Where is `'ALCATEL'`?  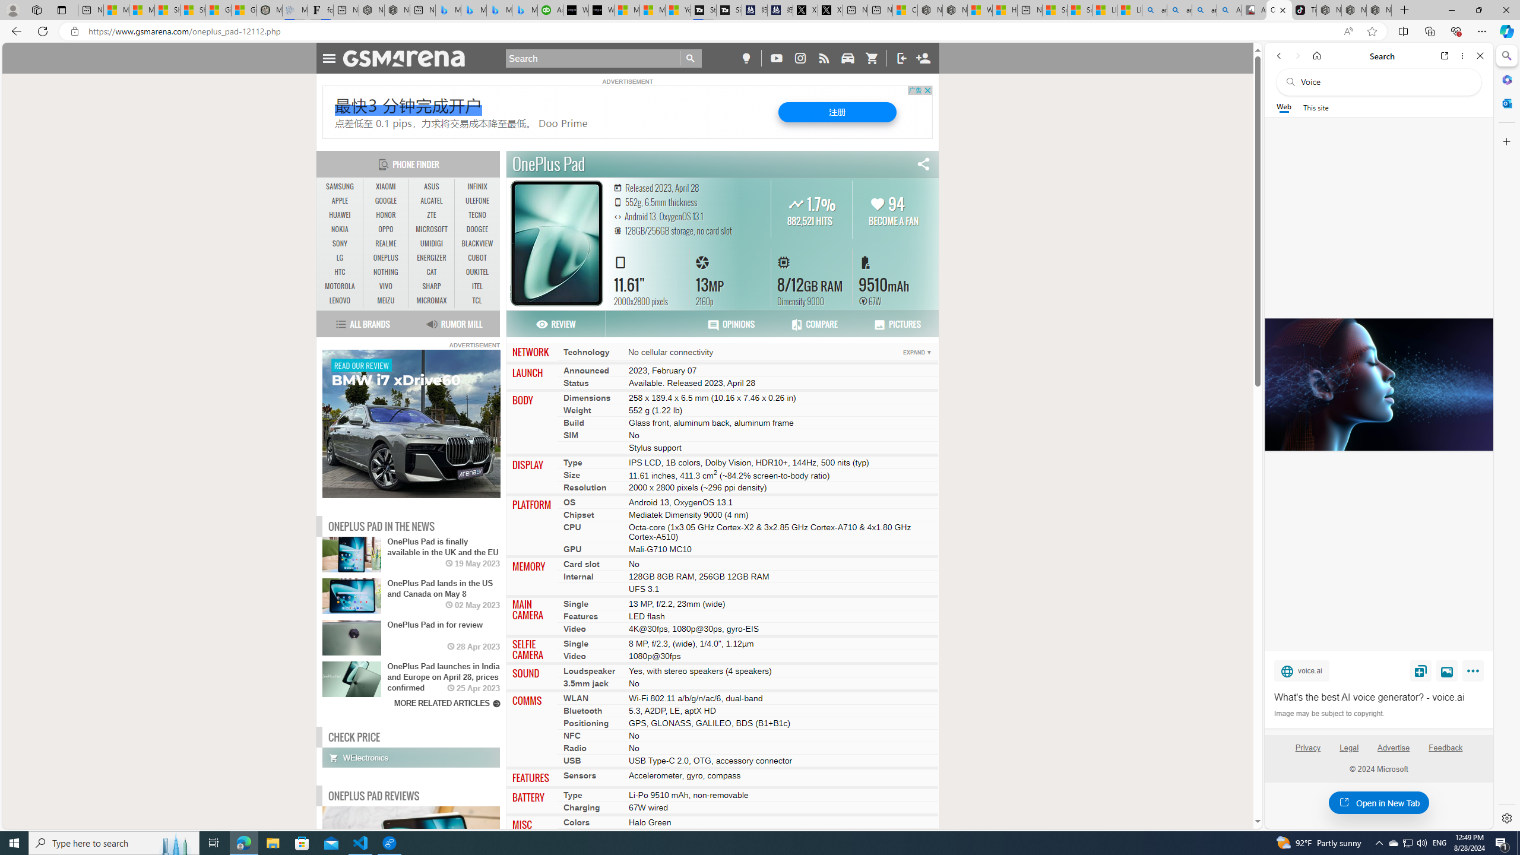 'ALCATEL' is located at coordinates (431, 200).